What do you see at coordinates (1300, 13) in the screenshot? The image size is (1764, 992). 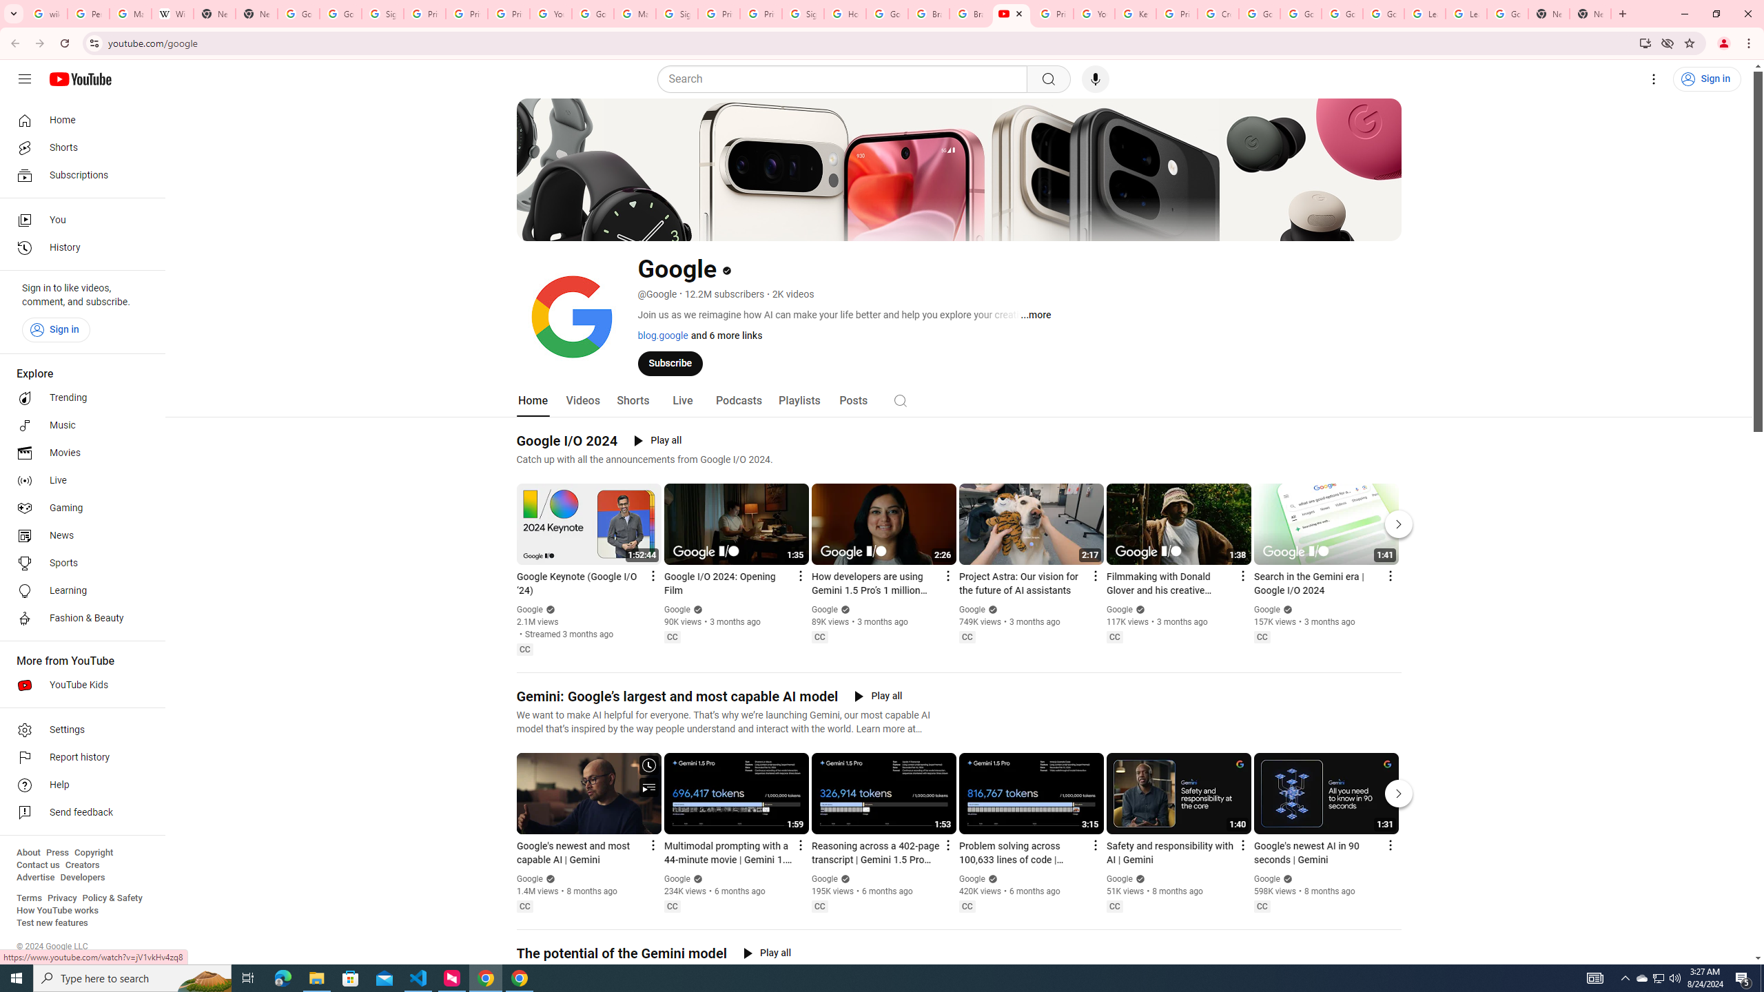 I see `'Google Account Help'` at bounding box center [1300, 13].